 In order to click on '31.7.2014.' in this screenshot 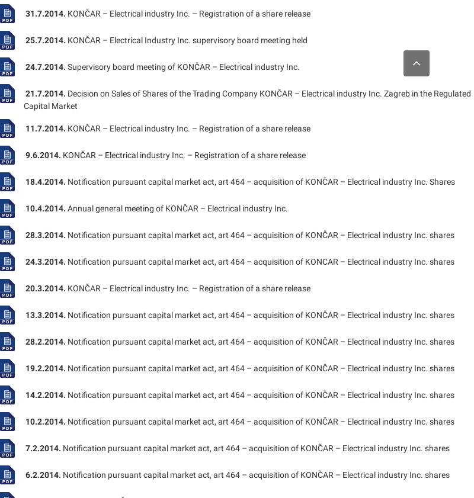, I will do `click(46, 12)`.